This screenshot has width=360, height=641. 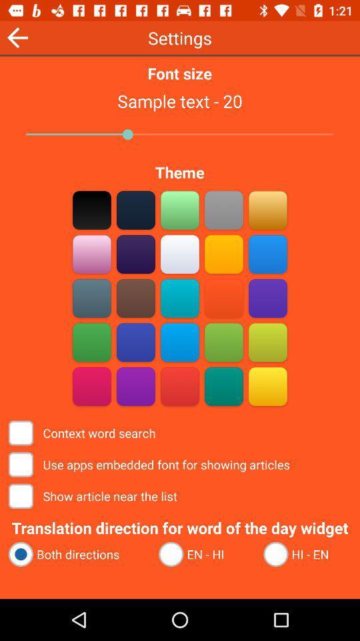 What do you see at coordinates (91, 254) in the screenshot?
I see `go do couler` at bounding box center [91, 254].